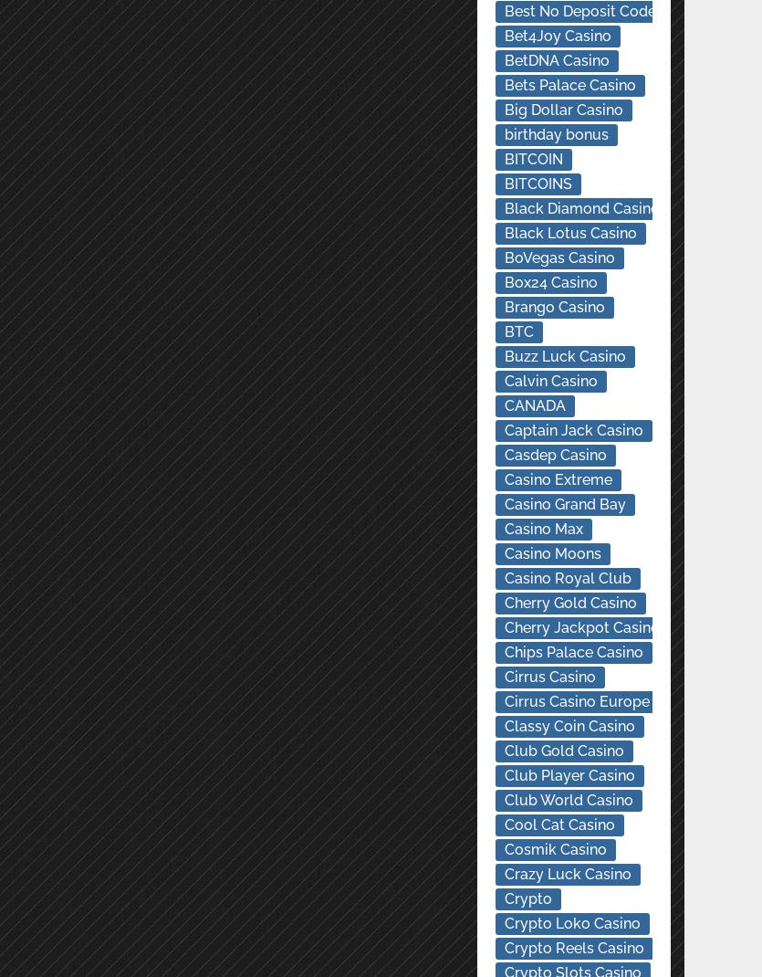  Describe the element at coordinates (549, 380) in the screenshot. I see `'Calvin Casino'` at that location.